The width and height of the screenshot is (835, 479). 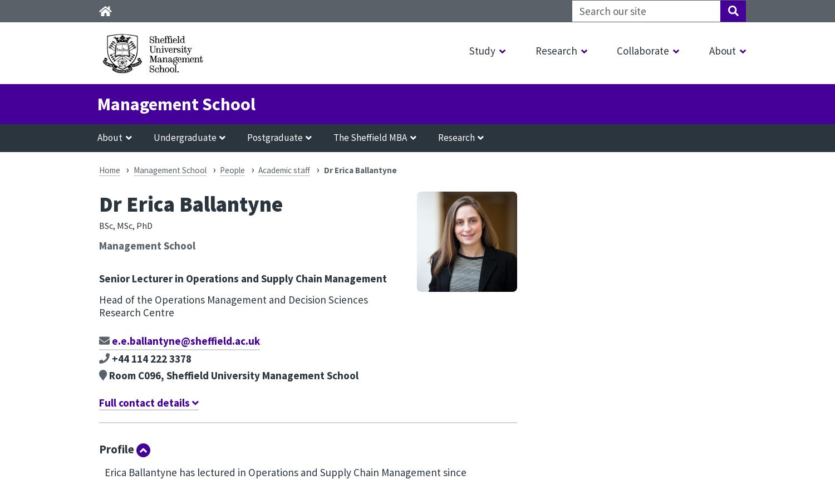 I want to click on 'Study', so click(x=482, y=50).